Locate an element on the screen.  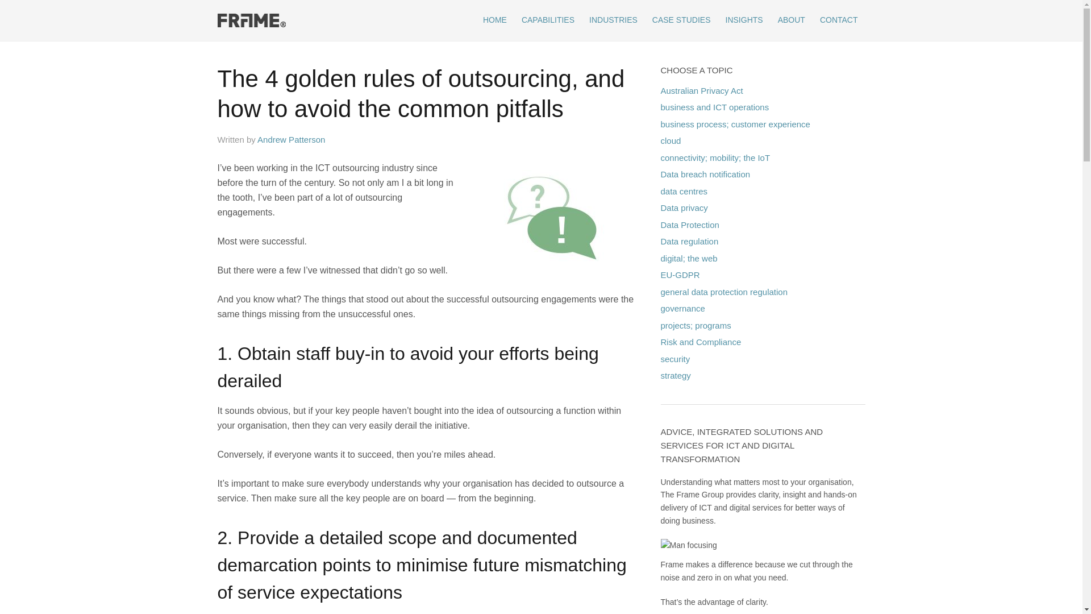
'Data breach notification' is located at coordinates (705, 174).